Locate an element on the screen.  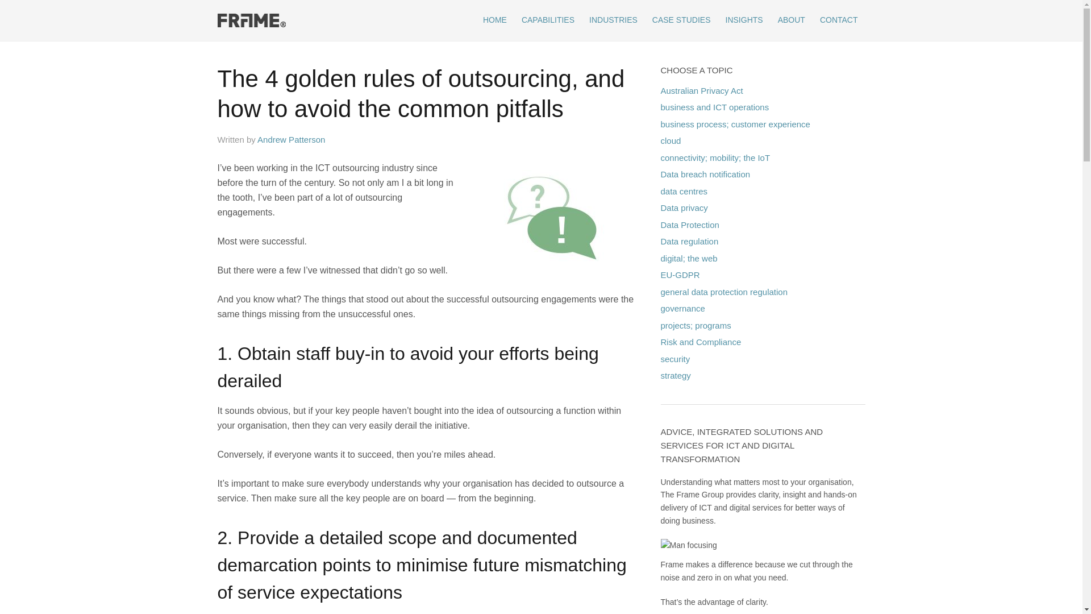
'Data breach notification' is located at coordinates (705, 174).